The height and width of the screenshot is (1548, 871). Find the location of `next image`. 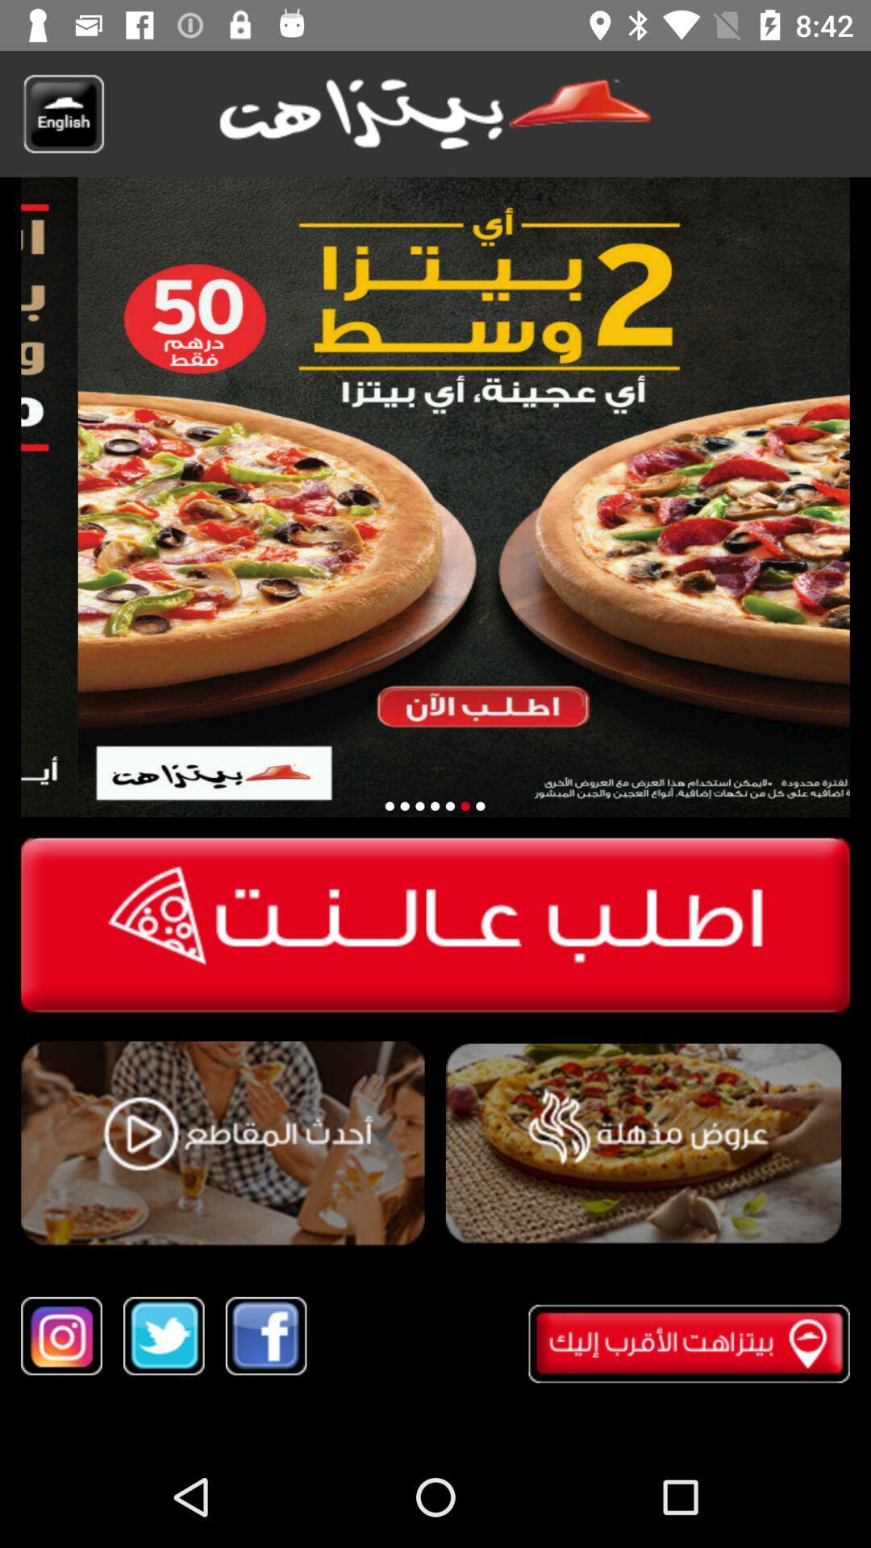

next image is located at coordinates (465, 806).